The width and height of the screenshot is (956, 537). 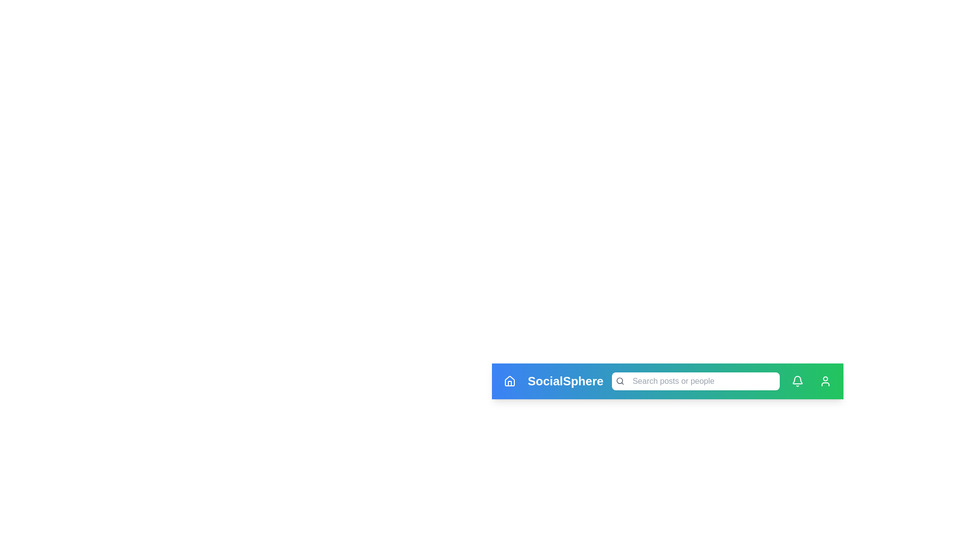 What do you see at coordinates (509, 381) in the screenshot?
I see `the Home icon to navigate to the homepage` at bounding box center [509, 381].